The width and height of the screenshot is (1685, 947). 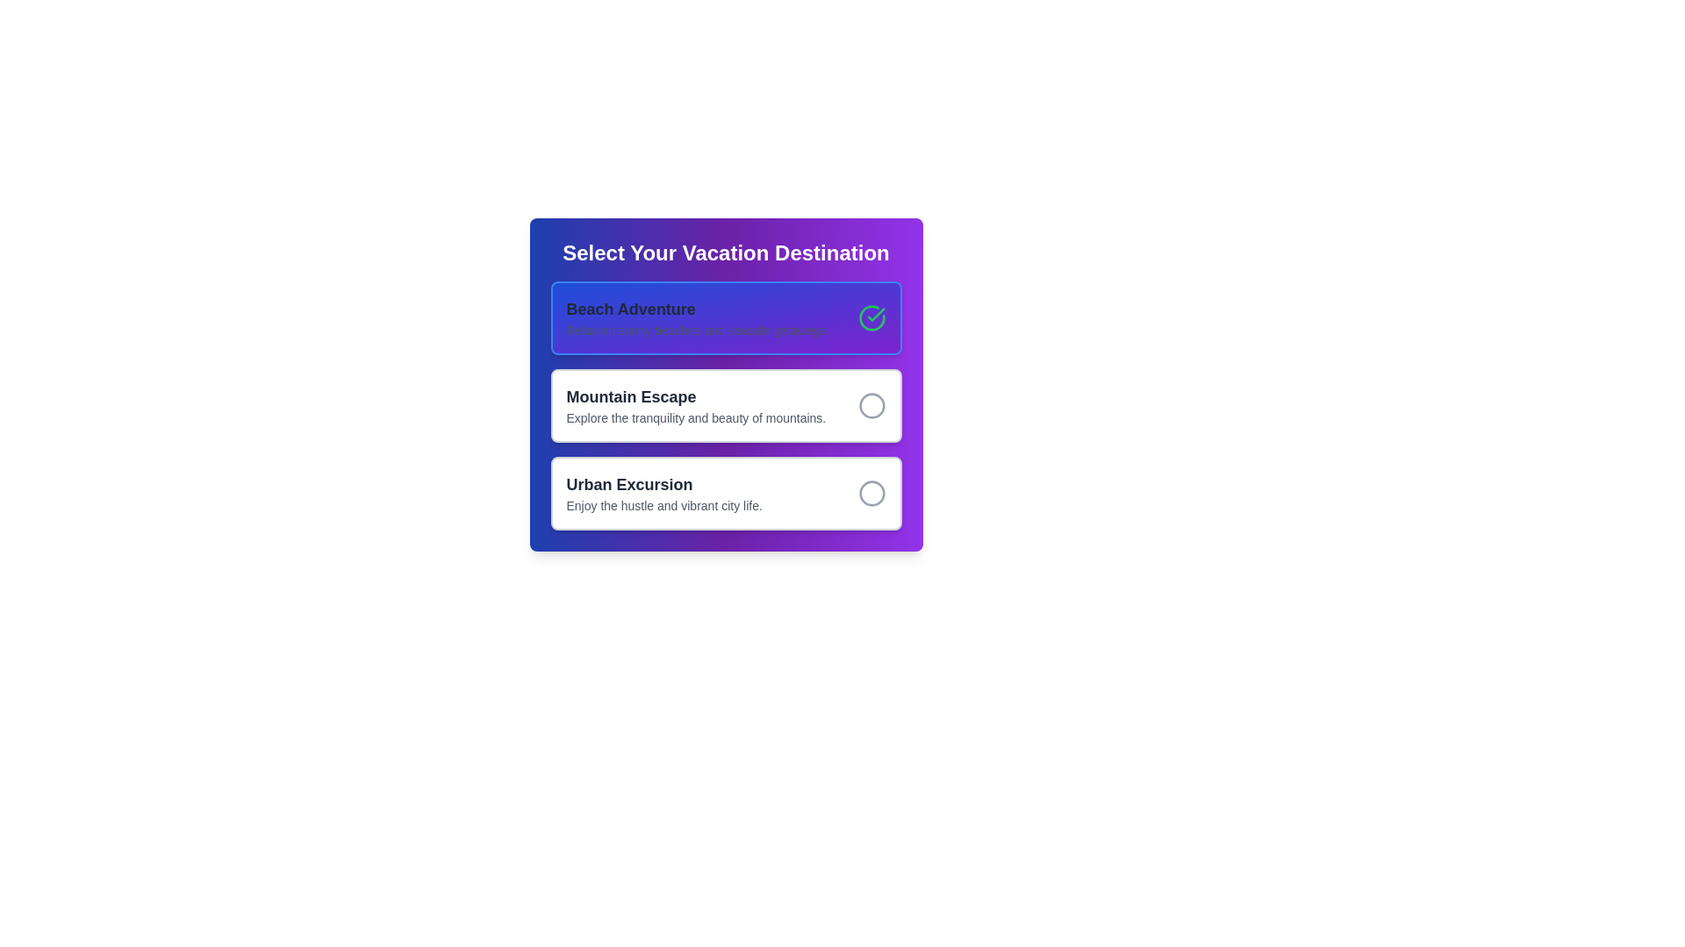 What do you see at coordinates (871, 317) in the screenshot?
I see `the green circular checkmark icon located at the top-right corner of the 'Beach Adventure' option to deselect it` at bounding box center [871, 317].